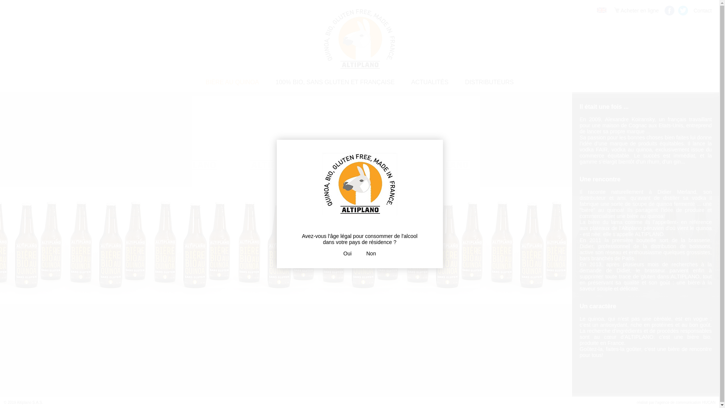 This screenshot has height=408, width=725. I want to click on 'Non', so click(371, 253).